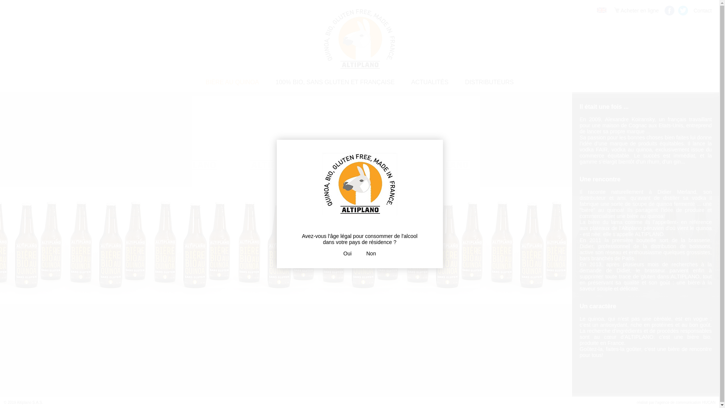 This screenshot has height=408, width=725. I want to click on 'Non', so click(371, 253).